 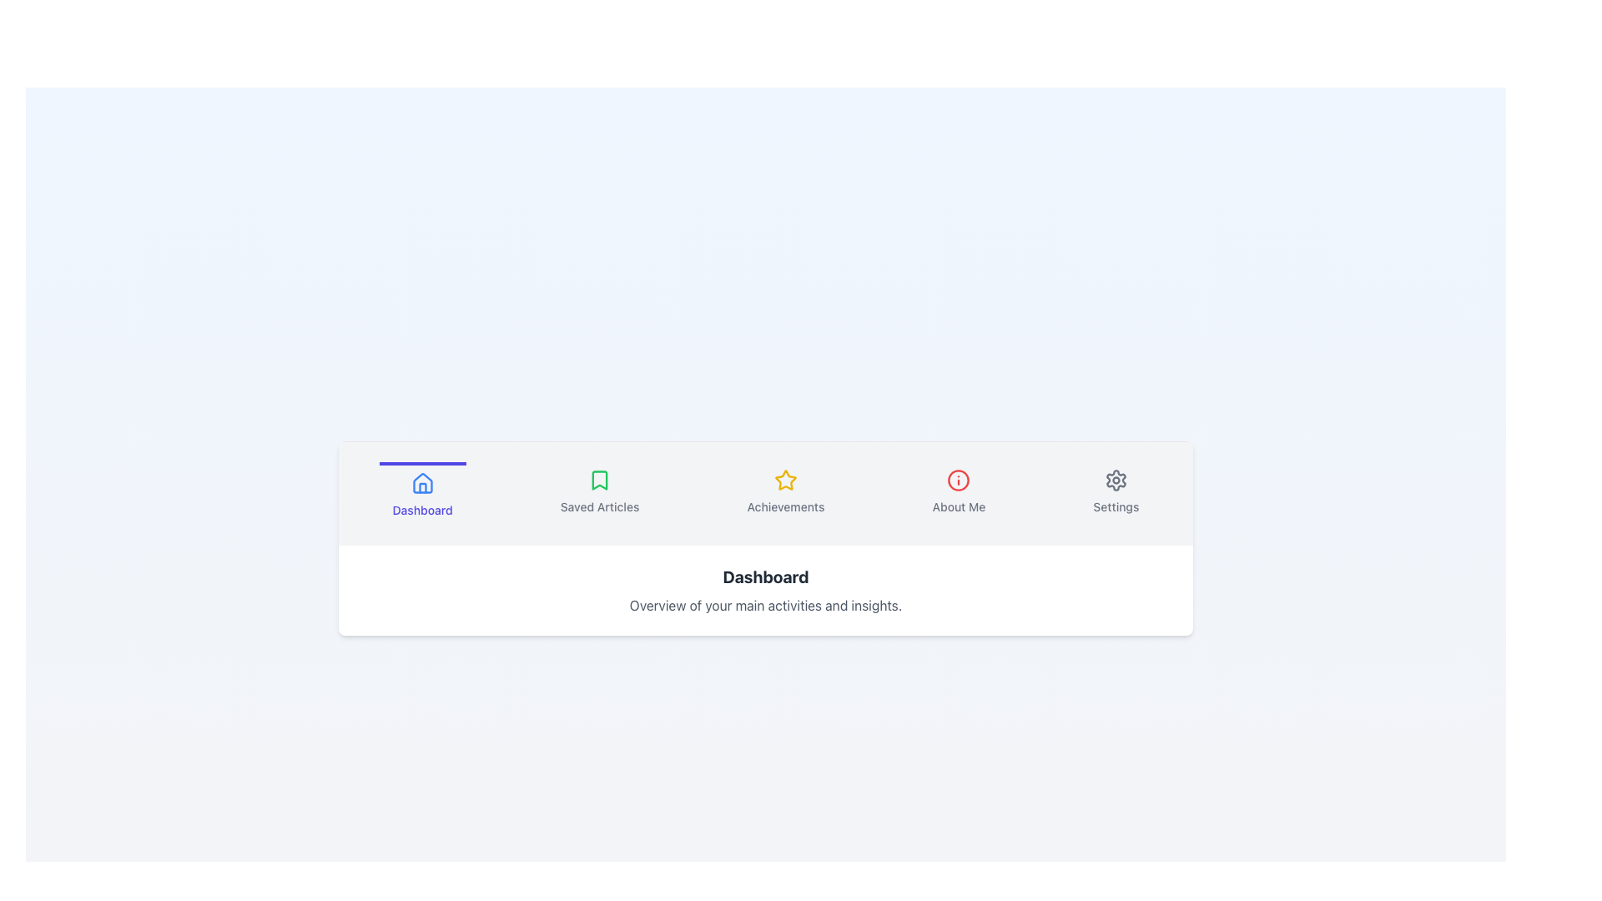 What do you see at coordinates (600, 480) in the screenshot?
I see `the bookmark-shaped icon with a downward-pointing chevron, styled in green, located above the 'Saved Articles' text` at bounding box center [600, 480].